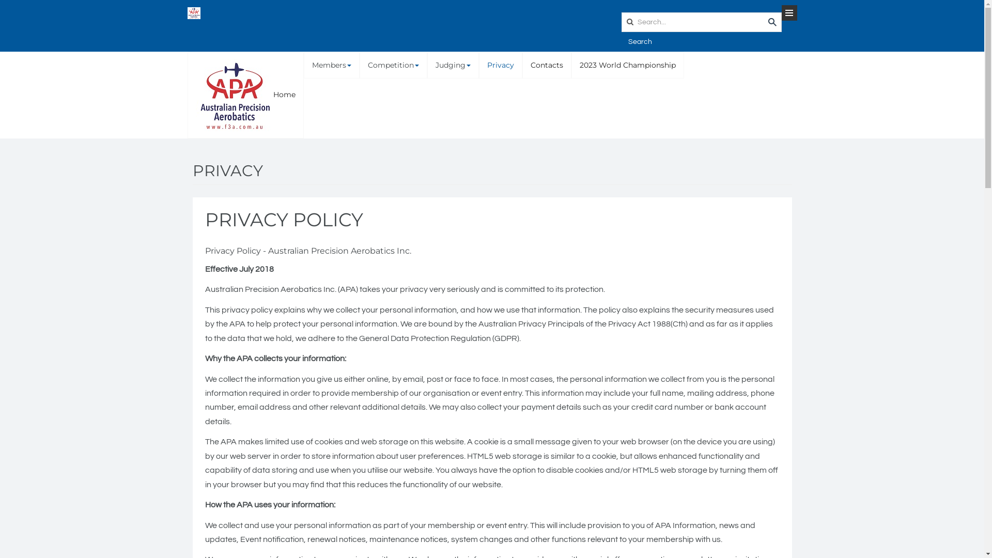 The width and height of the screenshot is (992, 558). I want to click on 'Privacy', so click(501, 65).